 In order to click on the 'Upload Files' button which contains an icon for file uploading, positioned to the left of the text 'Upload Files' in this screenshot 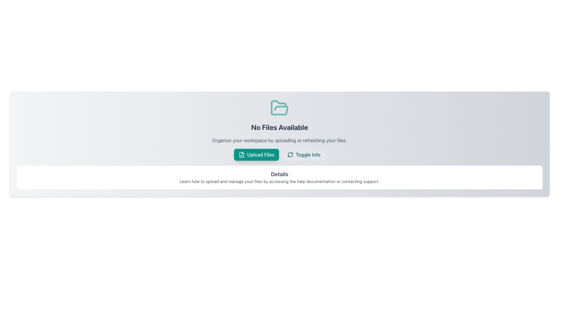, I will do `click(242, 154)`.